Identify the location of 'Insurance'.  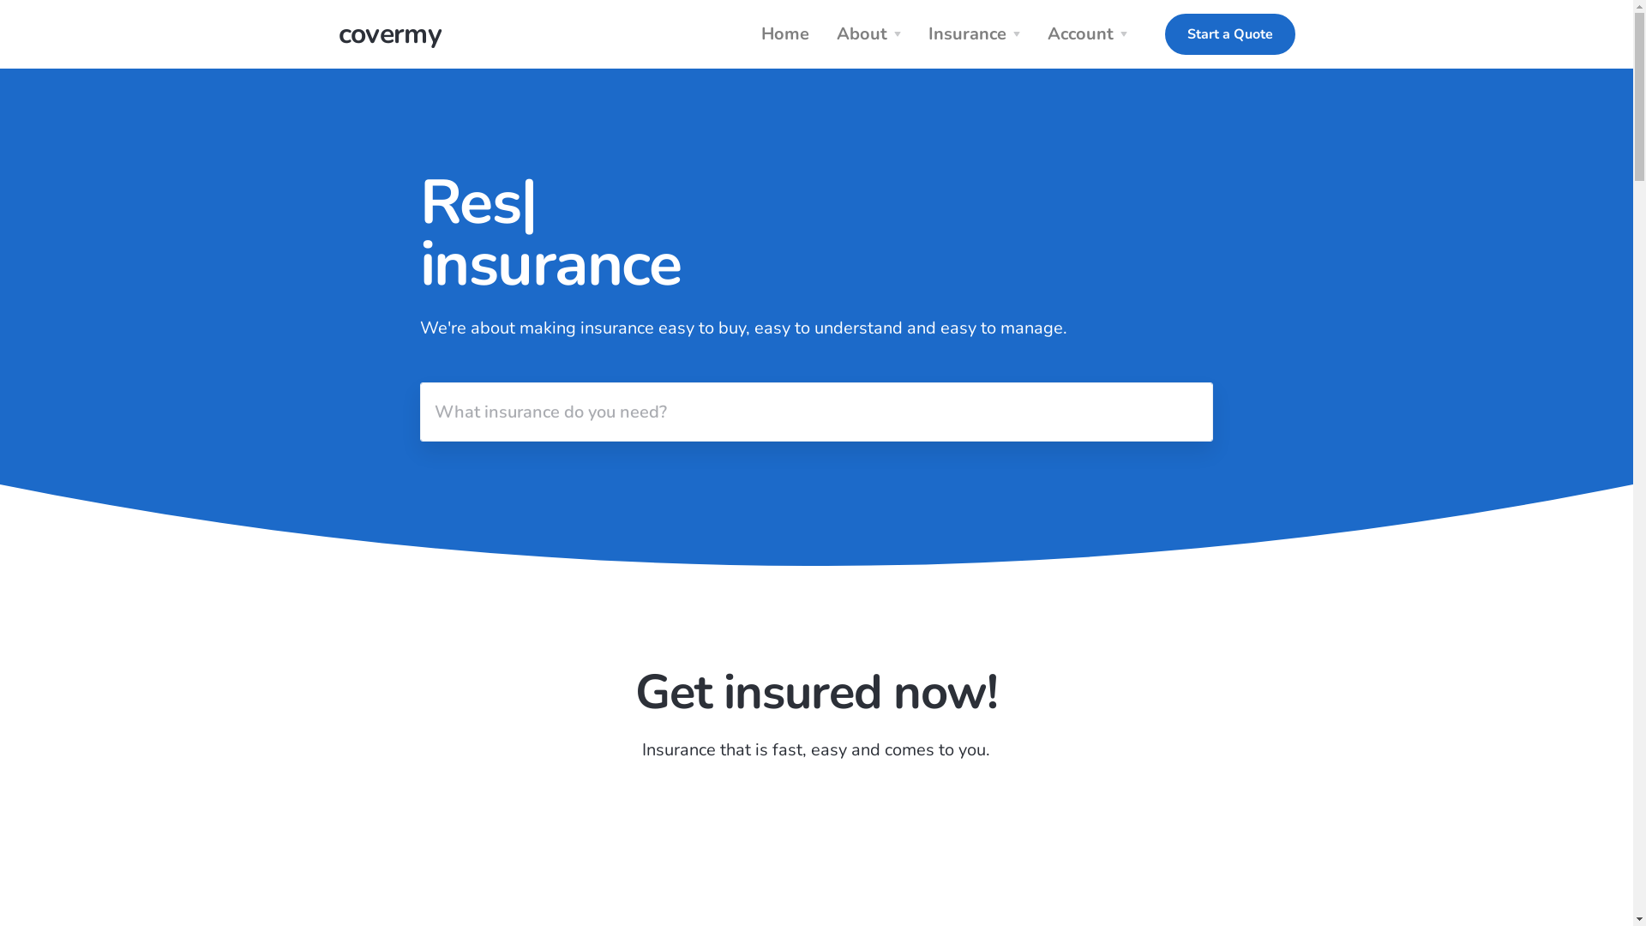
(916, 33).